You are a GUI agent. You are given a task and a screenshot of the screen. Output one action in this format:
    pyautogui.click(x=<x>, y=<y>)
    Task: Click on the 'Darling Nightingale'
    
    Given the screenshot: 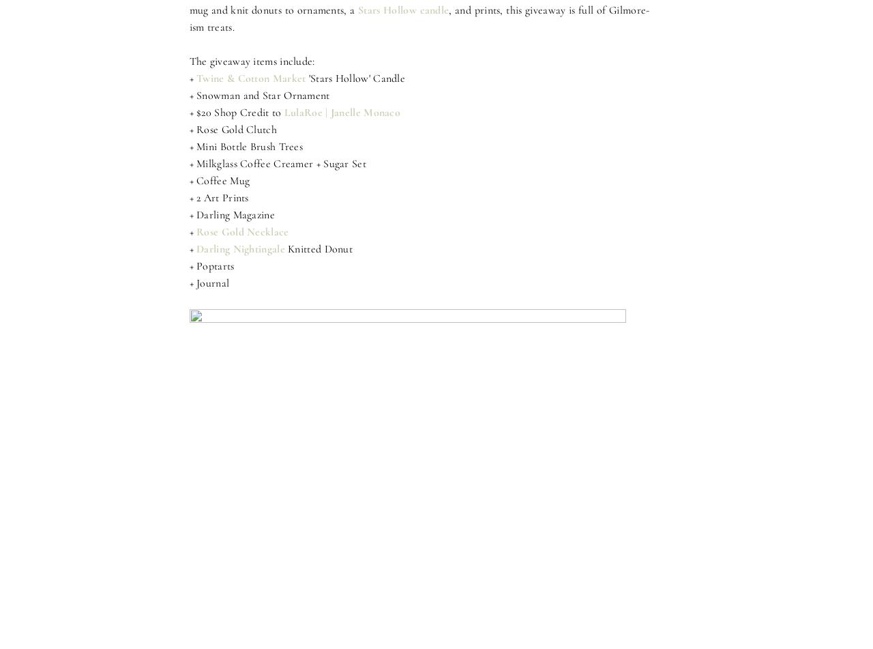 What is the action you would take?
    pyautogui.click(x=196, y=248)
    